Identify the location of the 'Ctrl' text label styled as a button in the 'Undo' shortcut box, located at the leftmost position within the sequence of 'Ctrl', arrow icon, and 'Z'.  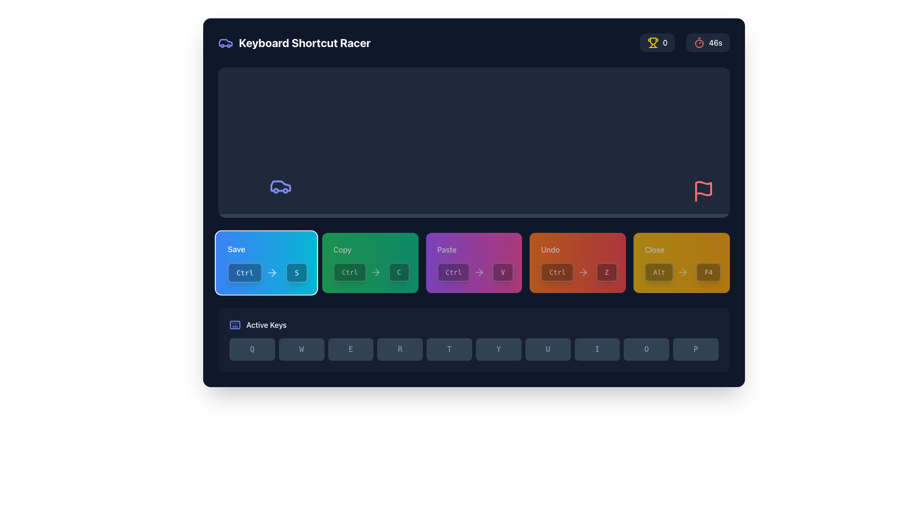
(566, 272).